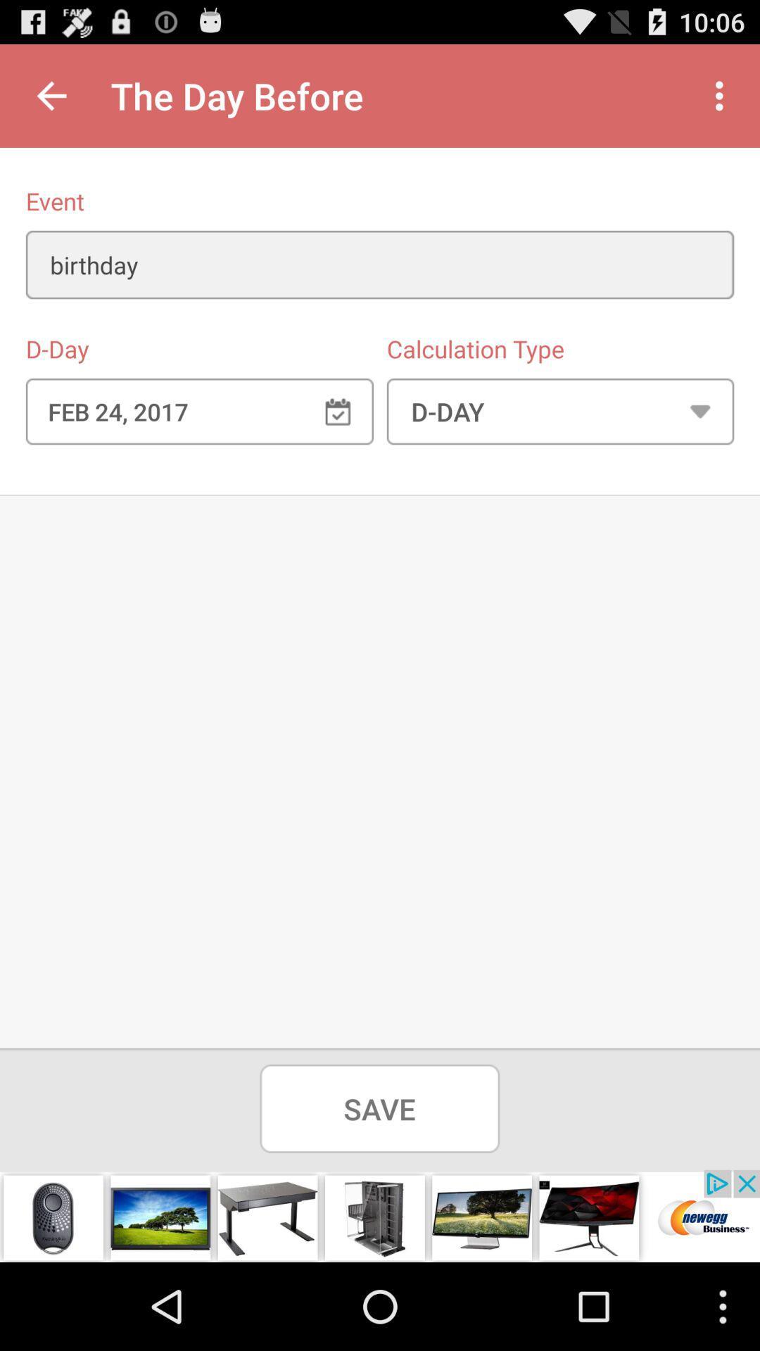 This screenshot has width=760, height=1351. I want to click on view furniture advertisements options, so click(380, 1215).